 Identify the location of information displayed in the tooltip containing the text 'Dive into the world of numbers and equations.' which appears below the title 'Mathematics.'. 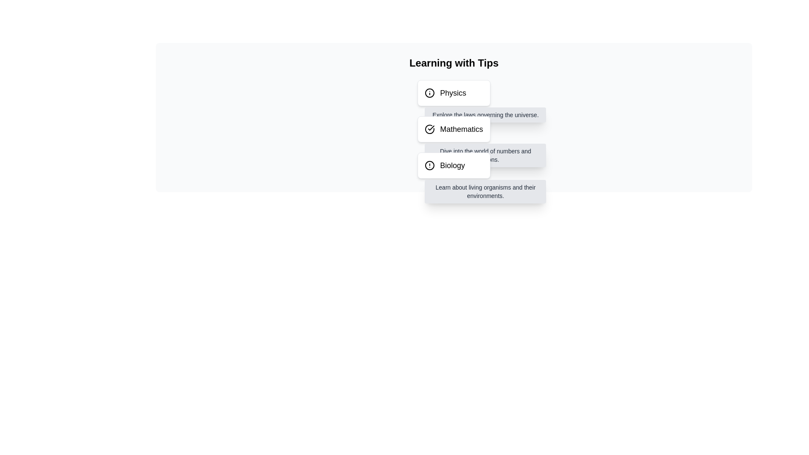
(485, 155).